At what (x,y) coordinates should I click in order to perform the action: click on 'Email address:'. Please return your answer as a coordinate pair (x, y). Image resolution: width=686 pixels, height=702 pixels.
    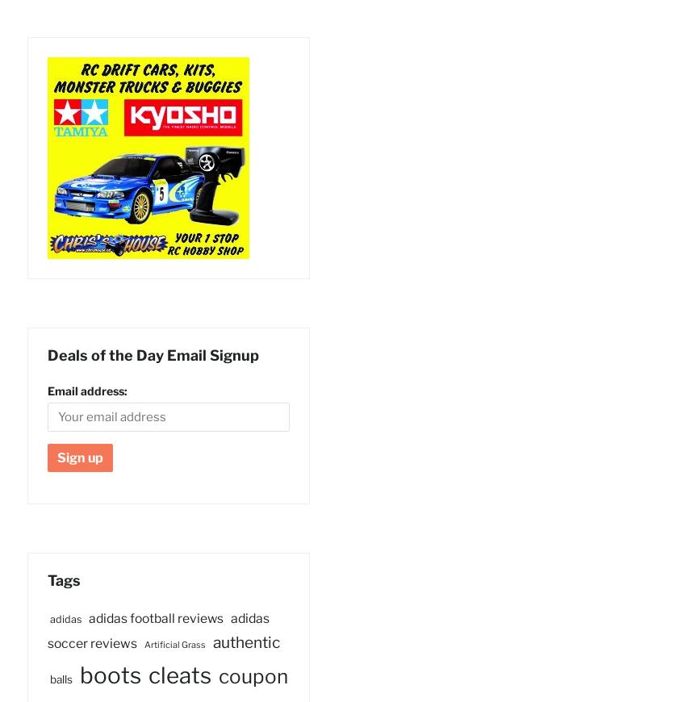
    Looking at the image, I should click on (47, 389).